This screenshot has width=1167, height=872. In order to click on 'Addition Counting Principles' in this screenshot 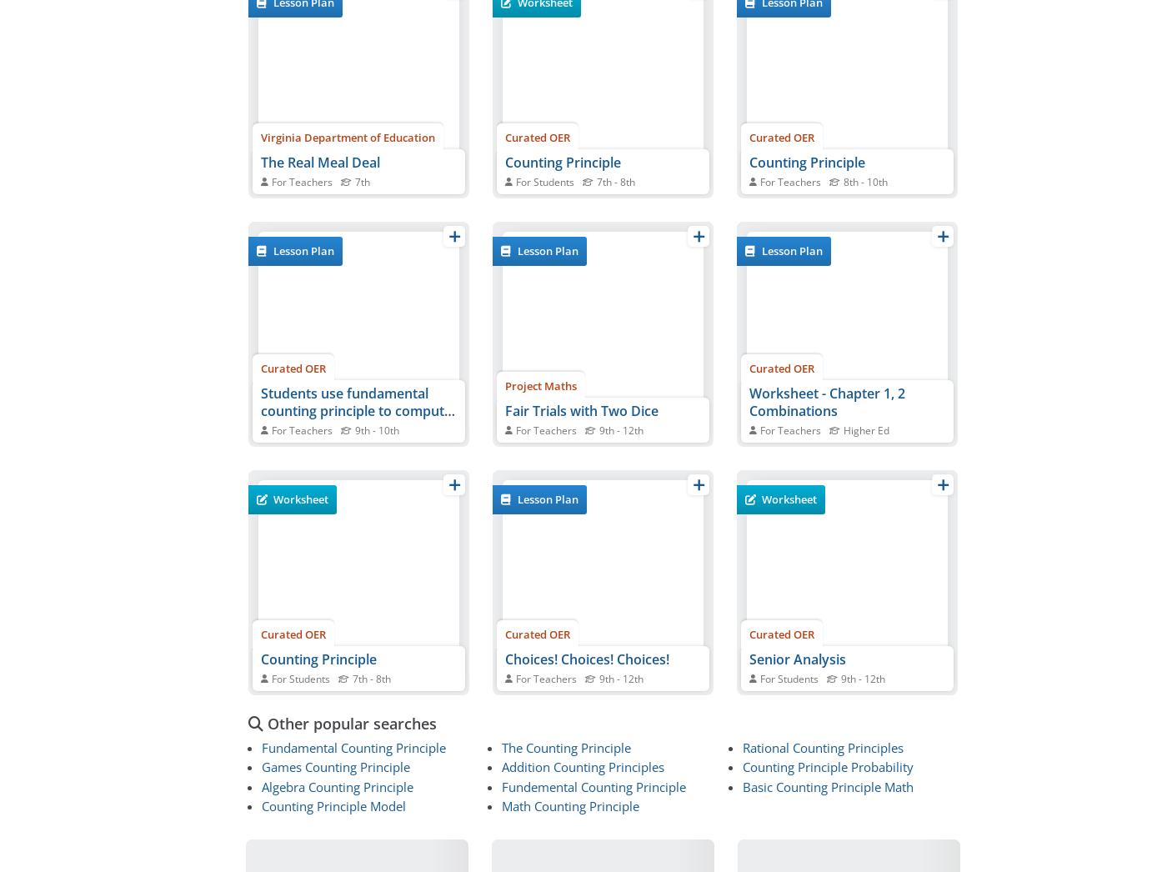, I will do `click(583, 766)`.